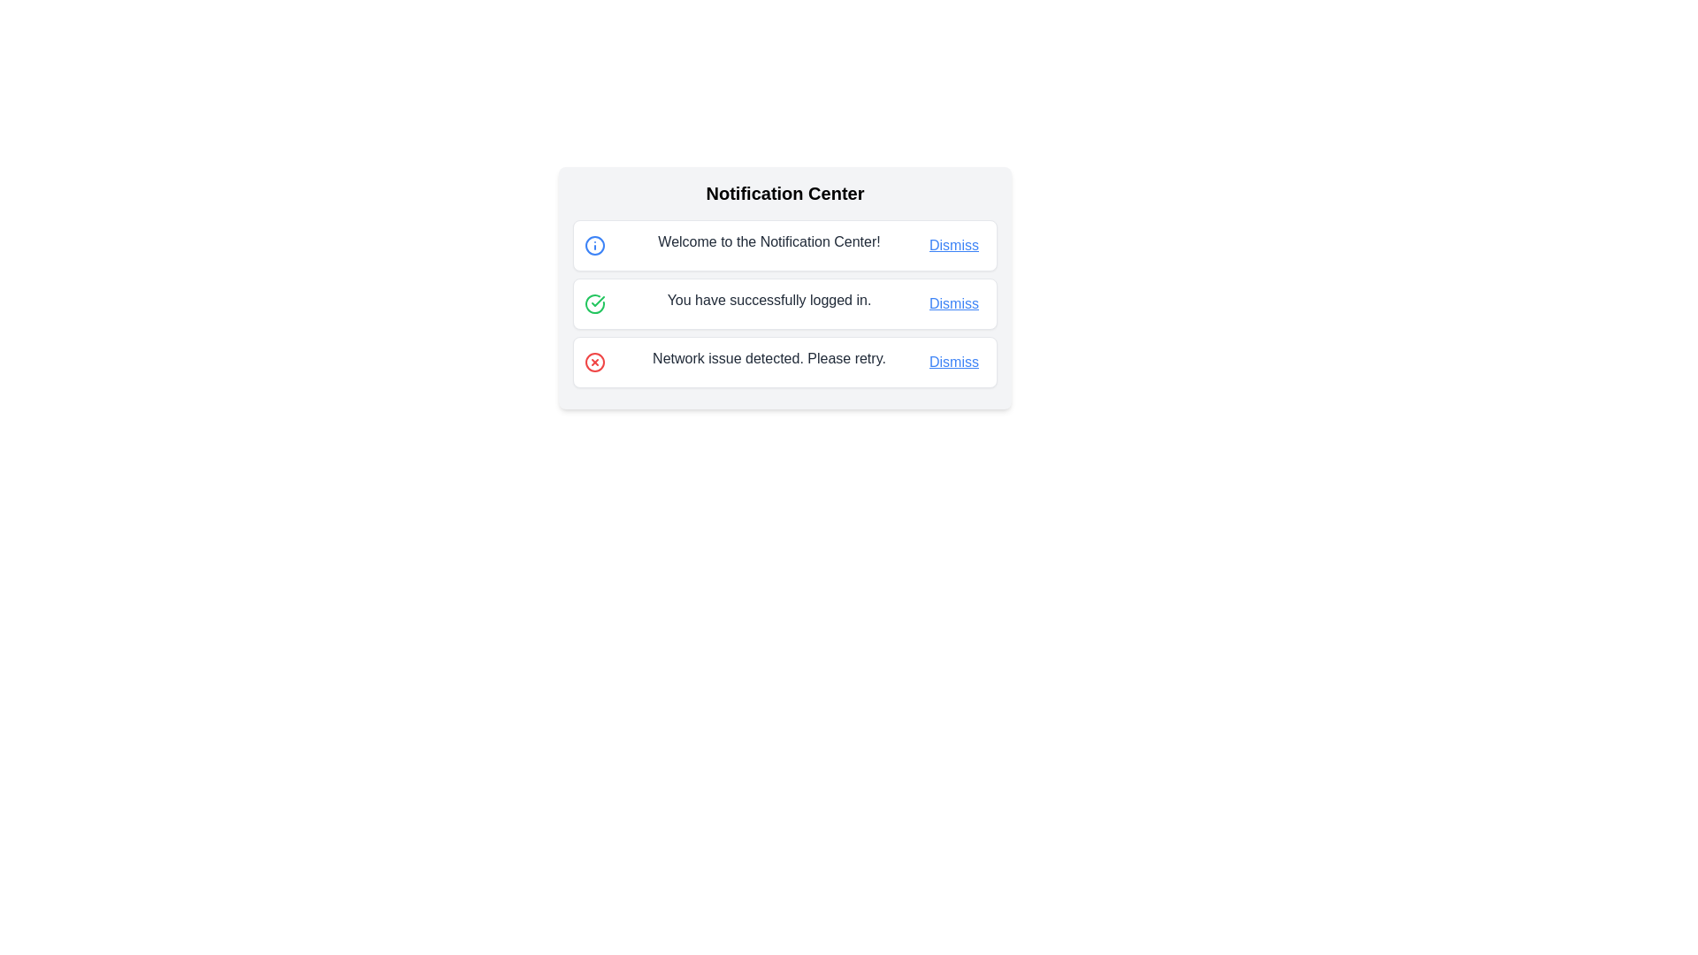  I want to click on the second icon in the vertical list of three notification items that indicates a validated state, located to the left of the message 'You have successfully logged in.', so click(594, 302).